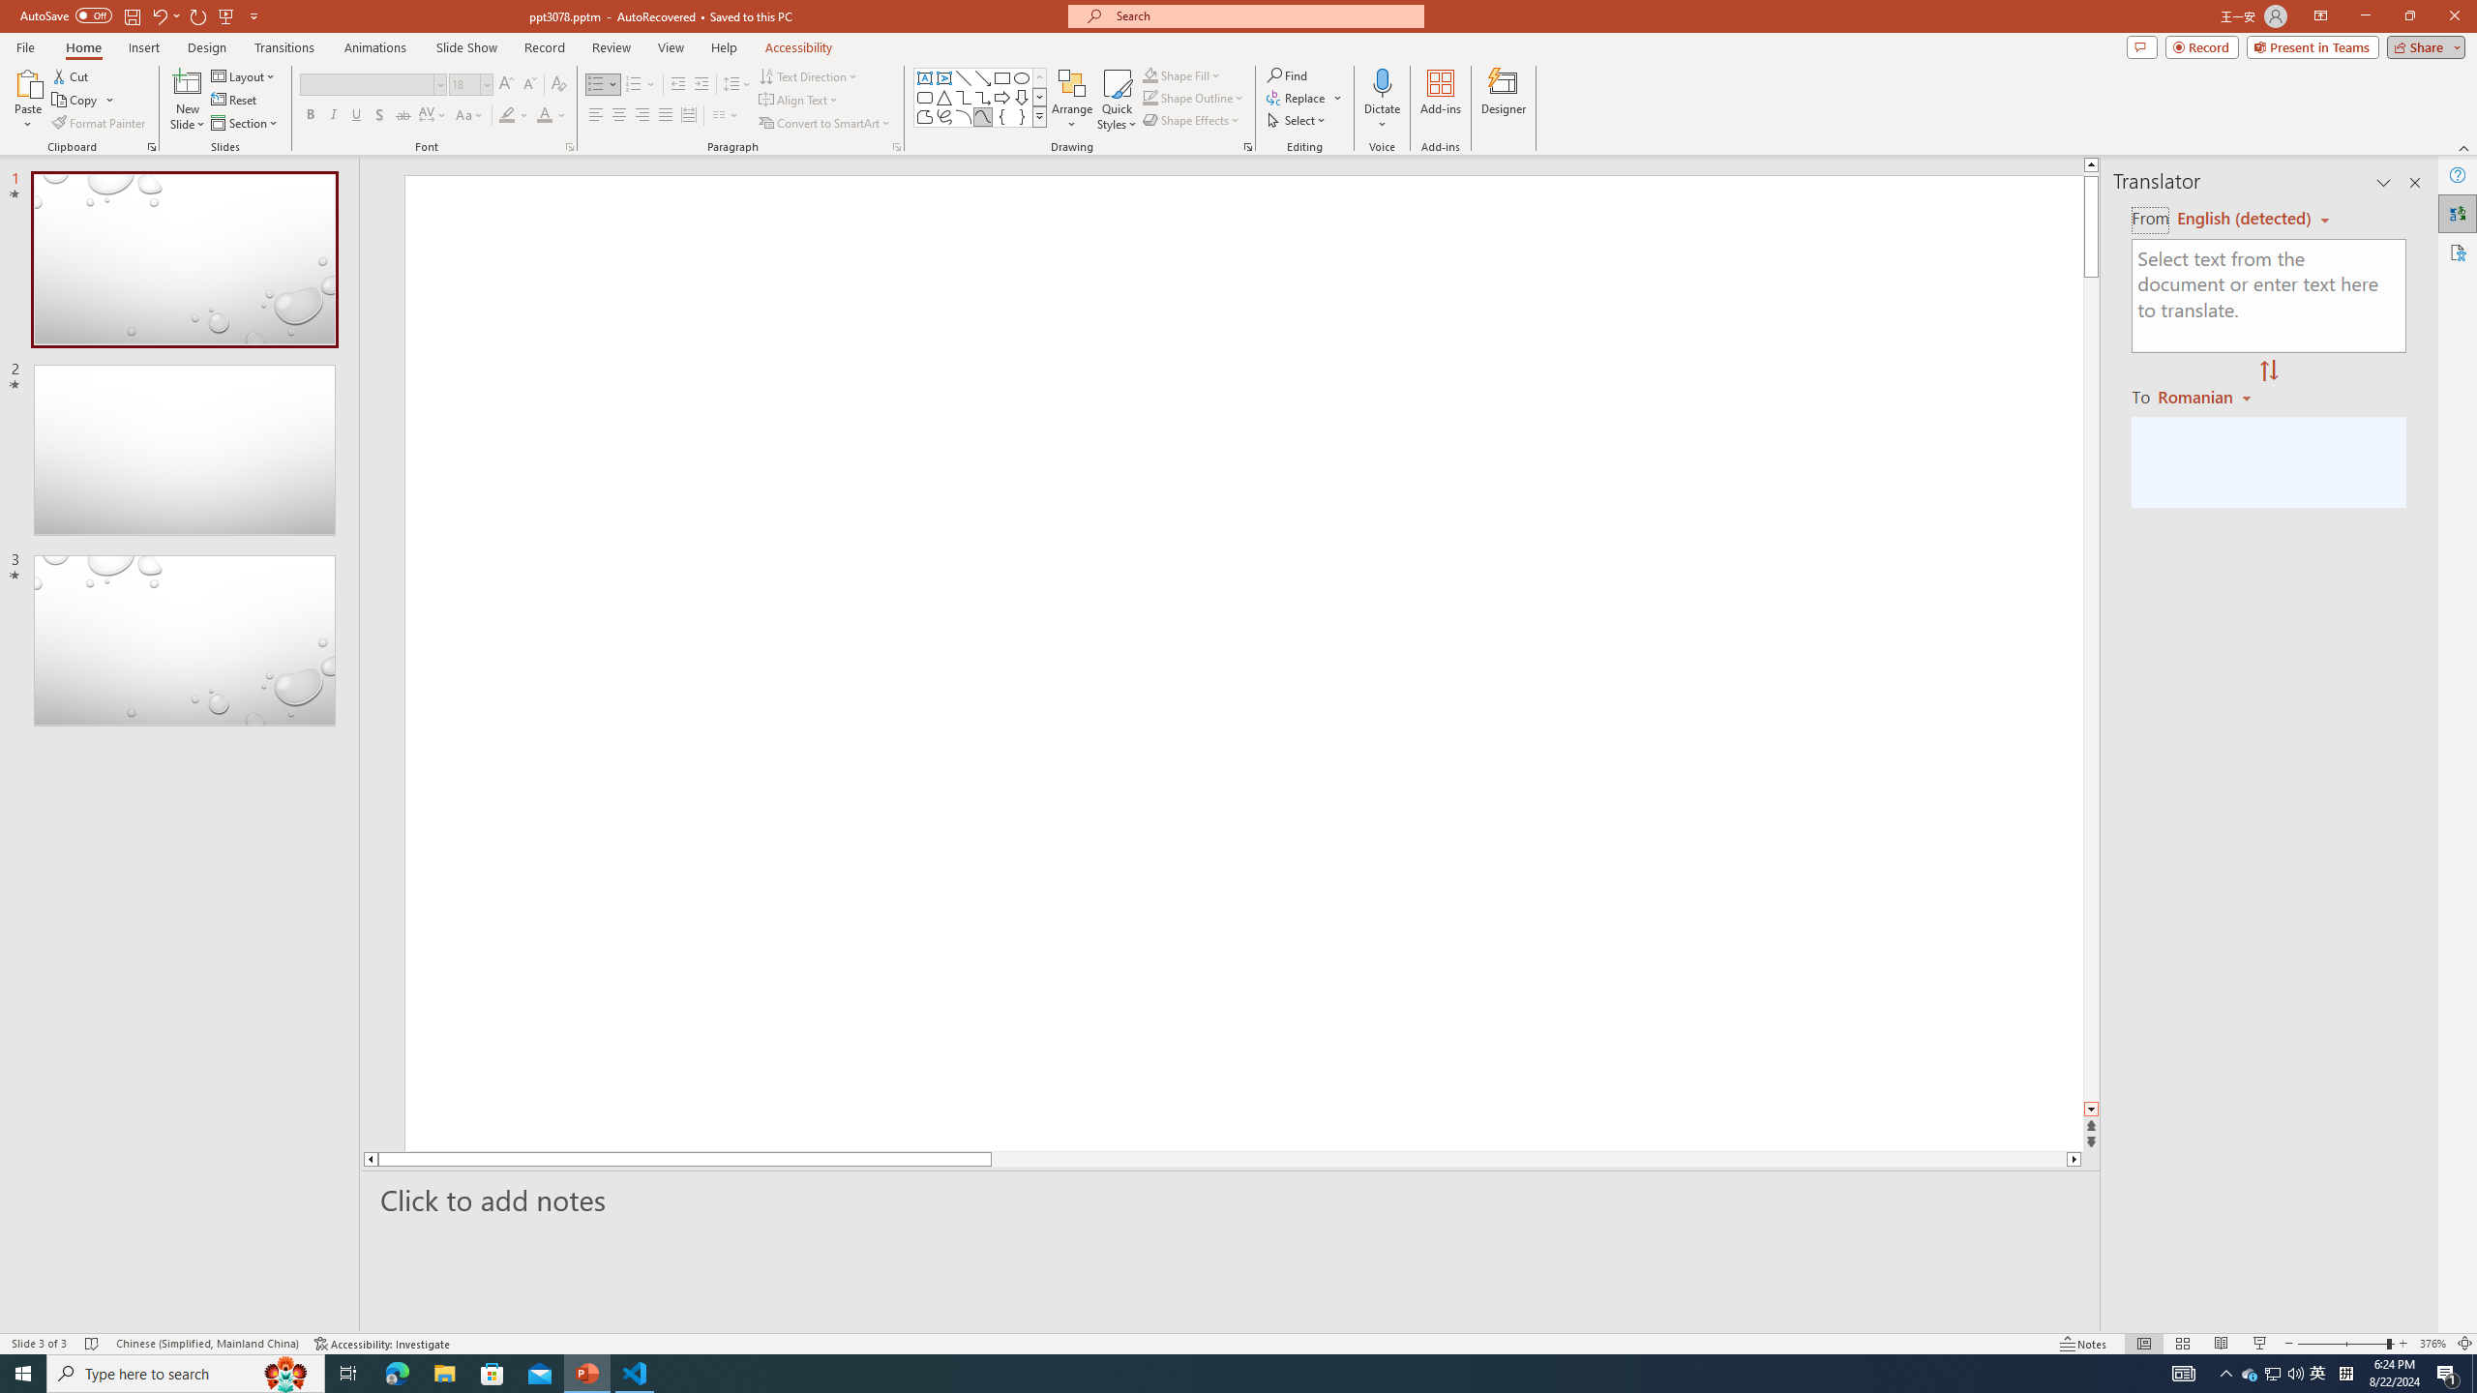 The width and height of the screenshot is (2477, 1393). I want to click on 'Slide Notes', so click(1231, 1200).